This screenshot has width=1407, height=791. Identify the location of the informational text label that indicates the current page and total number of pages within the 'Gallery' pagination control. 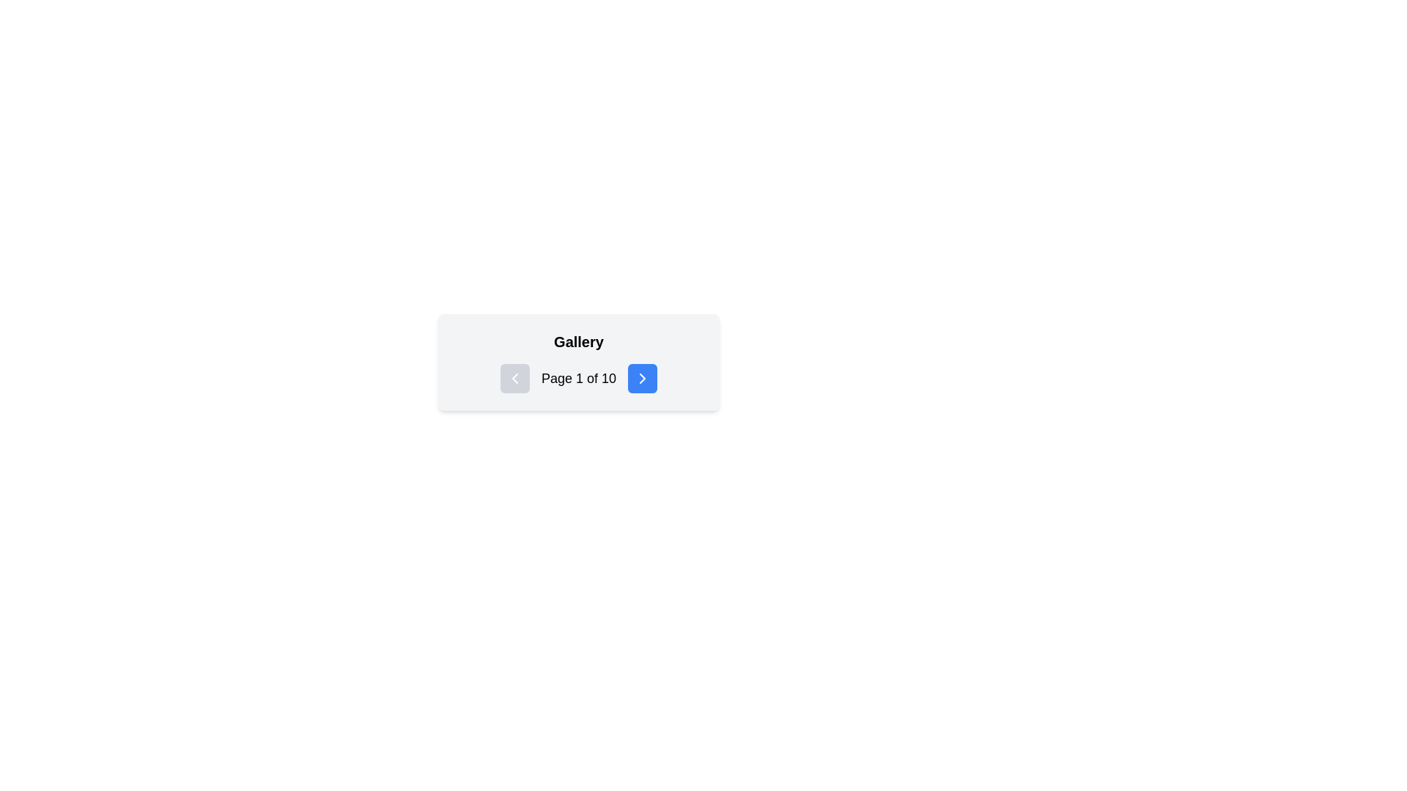
(578, 377).